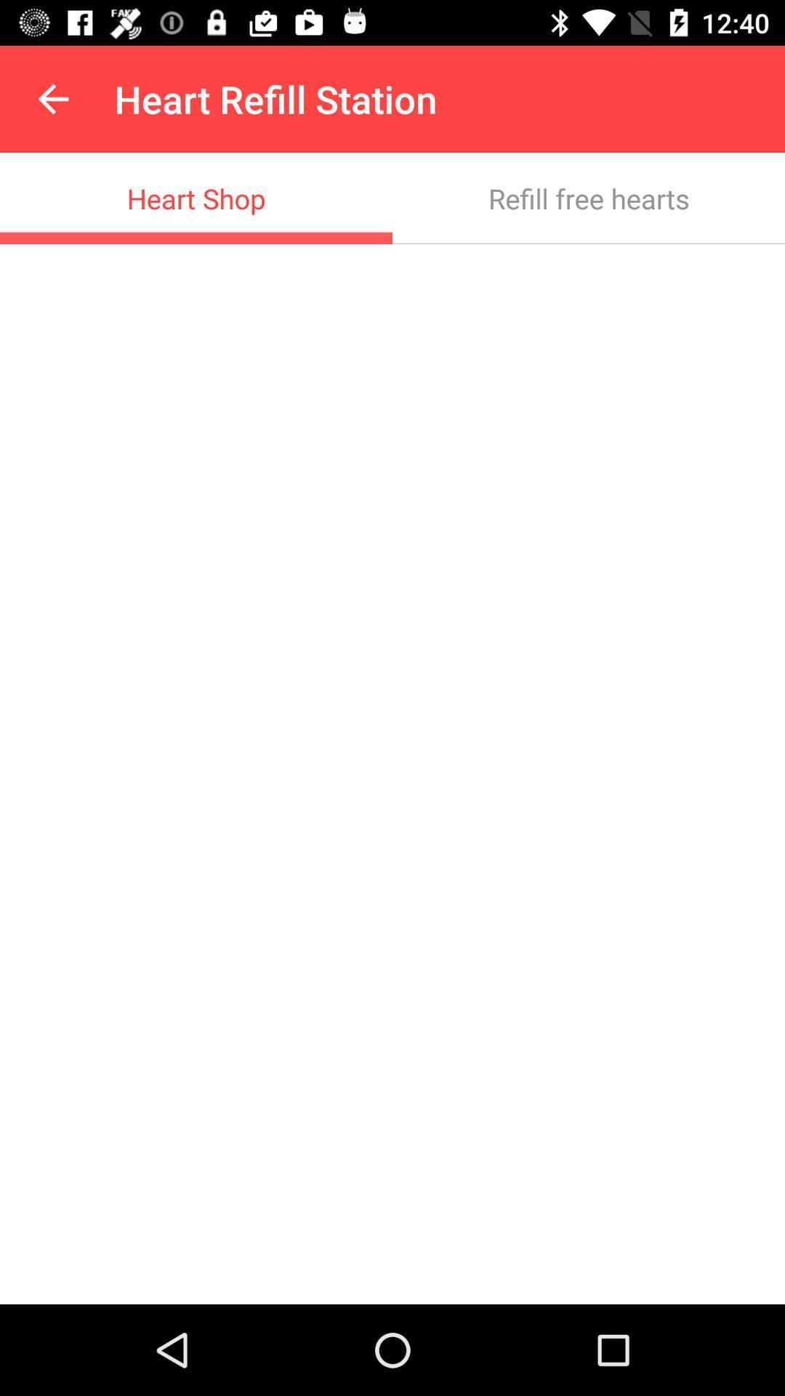 This screenshot has height=1396, width=785. What do you see at coordinates (589, 198) in the screenshot?
I see `the refill free hearts` at bounding box center [589, 198].